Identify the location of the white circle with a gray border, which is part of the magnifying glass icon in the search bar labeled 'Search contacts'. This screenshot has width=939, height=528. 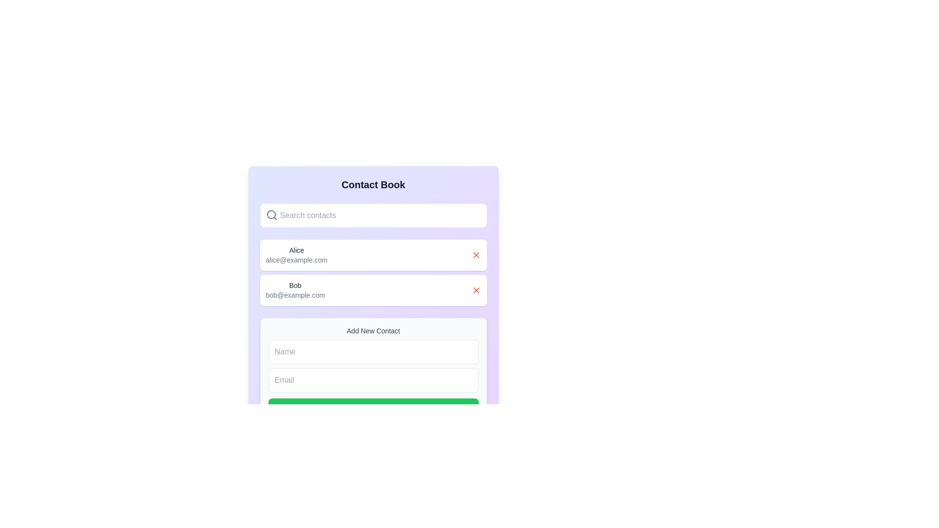
(271, 214).